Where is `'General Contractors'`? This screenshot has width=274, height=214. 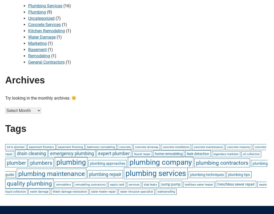
'General Contractors' is located at coordinates (46, 62).